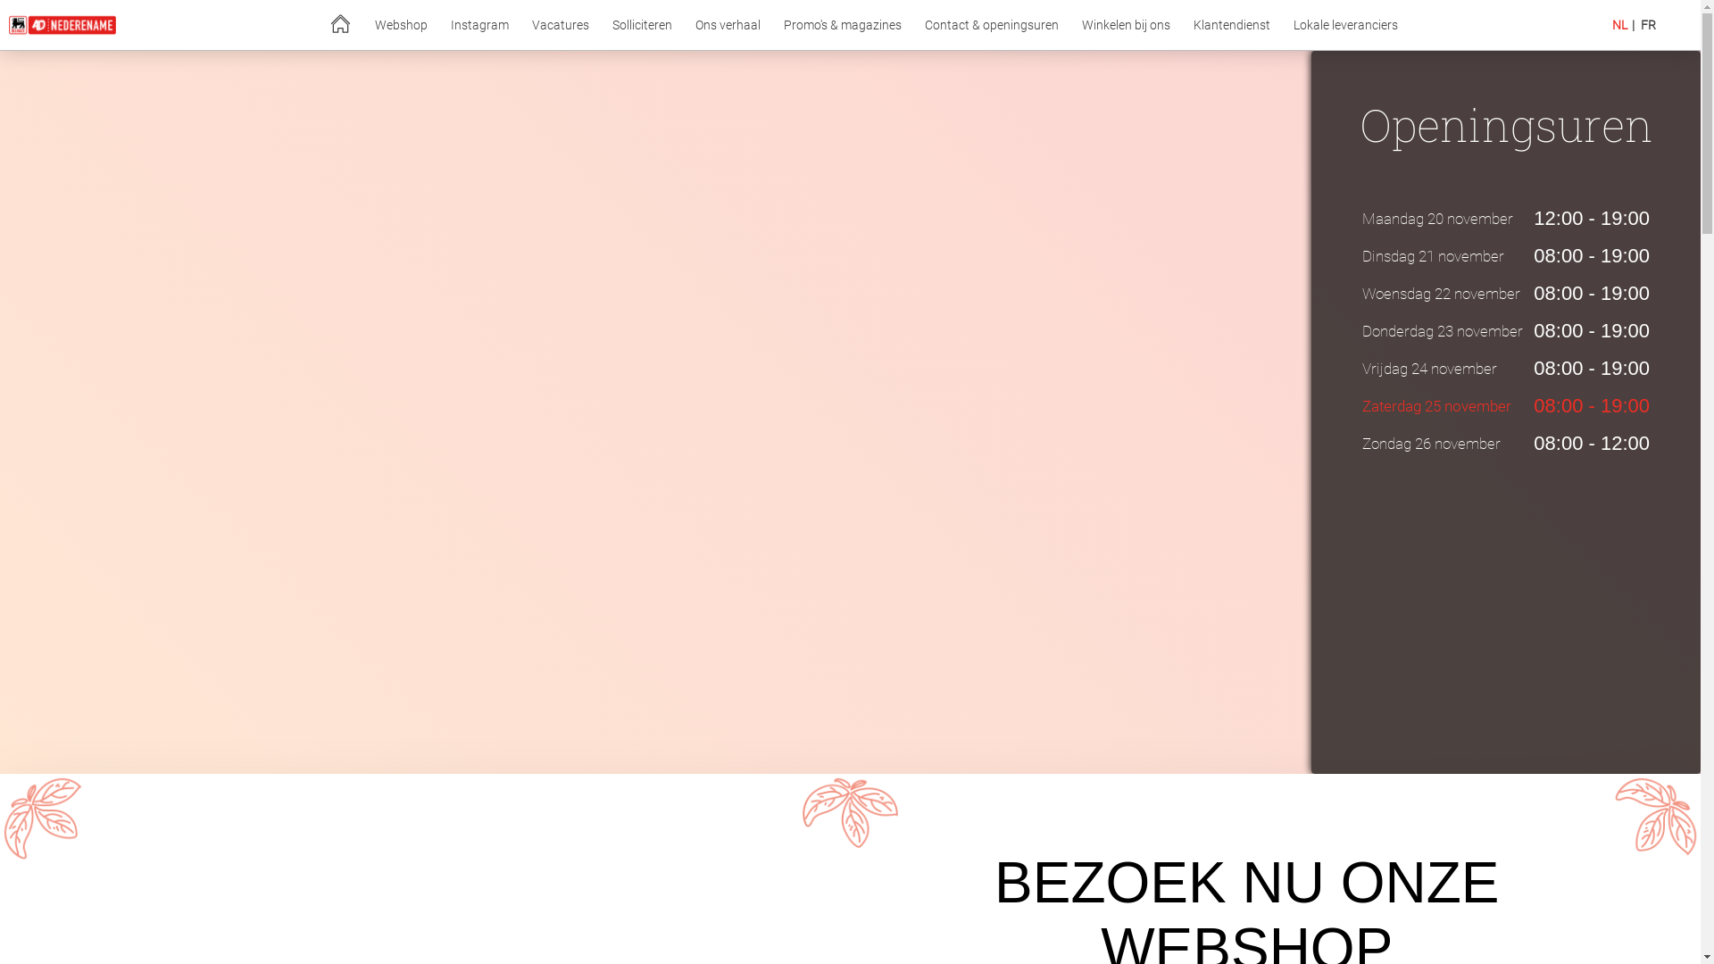 The width and height of the screenshot is (1714, 964). I want to click on 'FR', so click(1646, 24).